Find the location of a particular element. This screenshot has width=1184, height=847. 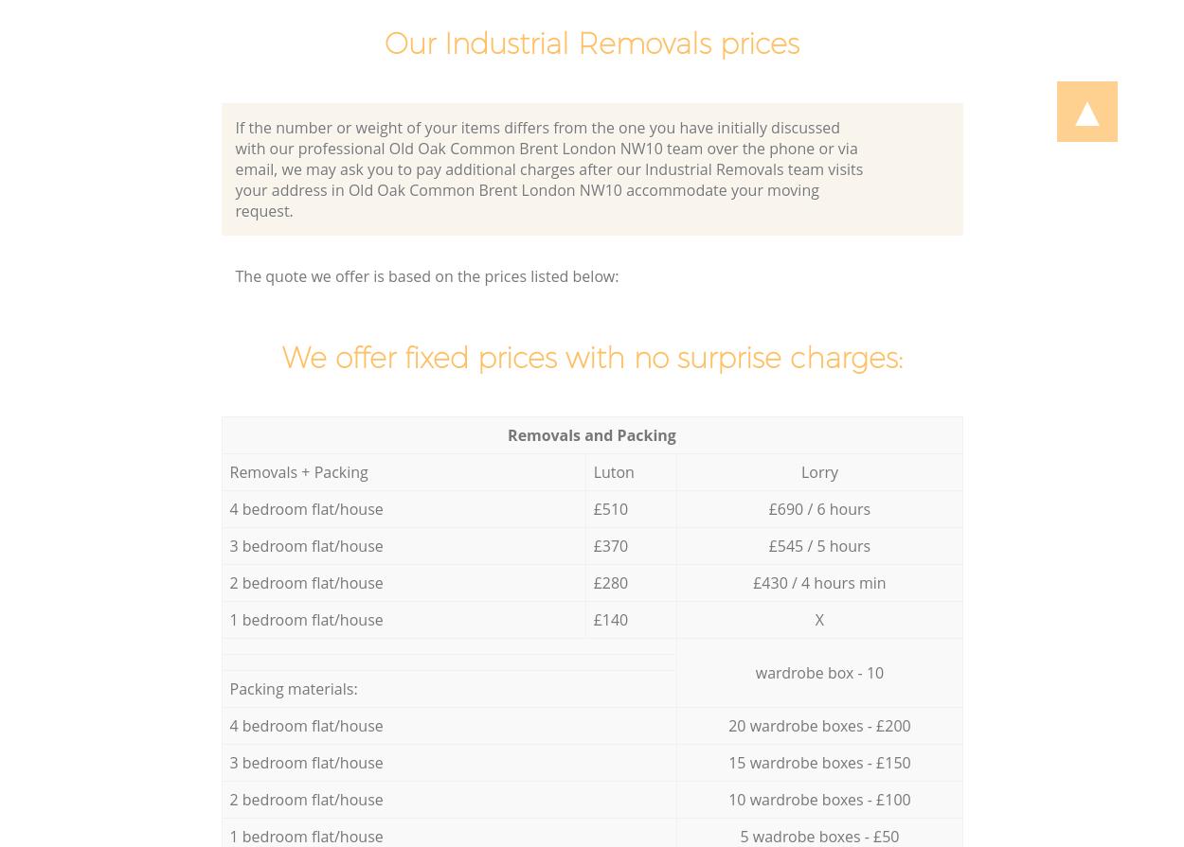

'Removals + Packing' is located at coordinates (297, 470).